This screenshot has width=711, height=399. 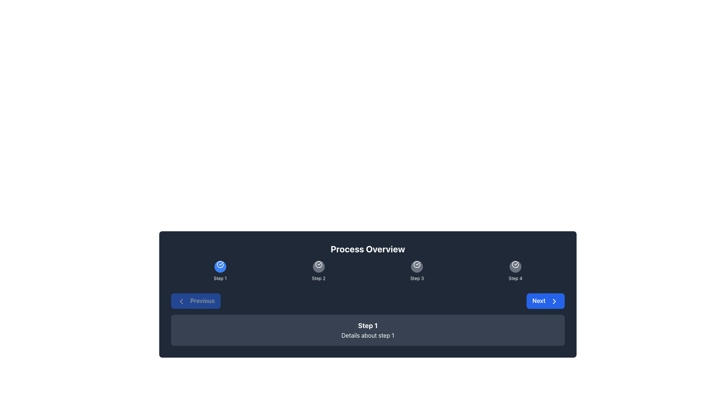 I want to click on the 'Step 1' text label, which is positioned below the circular checkmark icon in the process overview section, so click(x=220, y=278).